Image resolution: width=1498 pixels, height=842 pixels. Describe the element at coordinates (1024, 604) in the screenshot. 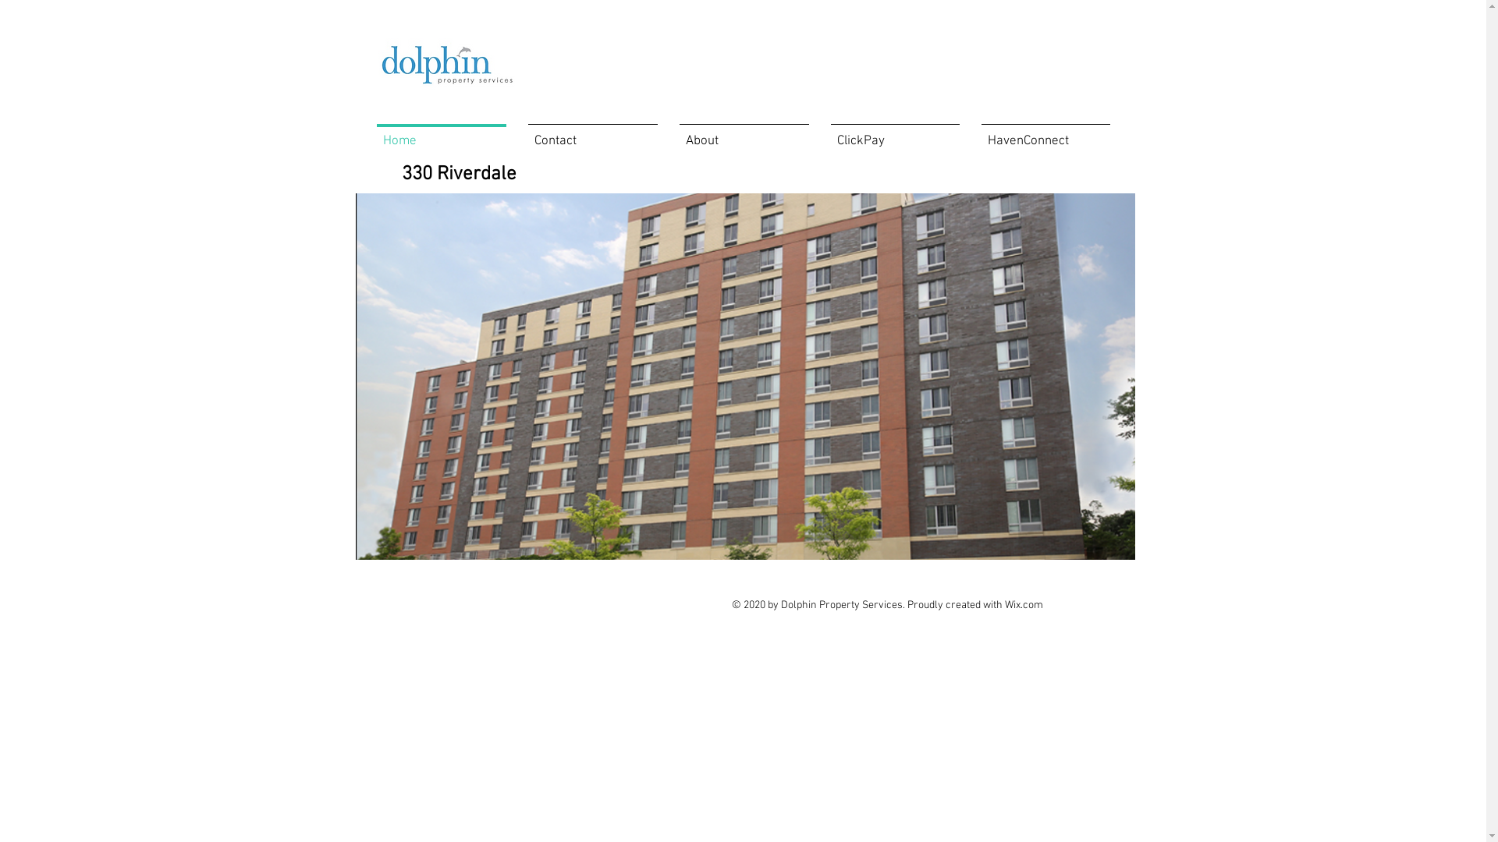

I see `'Wix.com'` at that location.